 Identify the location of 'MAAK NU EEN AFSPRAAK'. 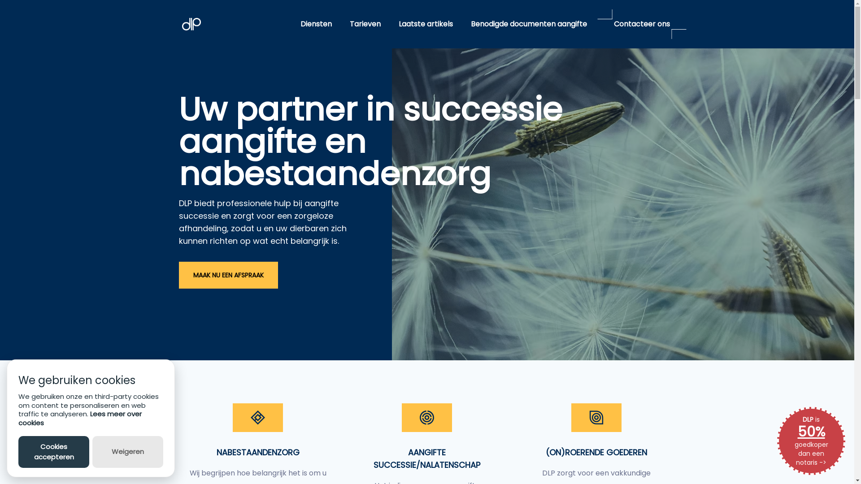
(228, 274).